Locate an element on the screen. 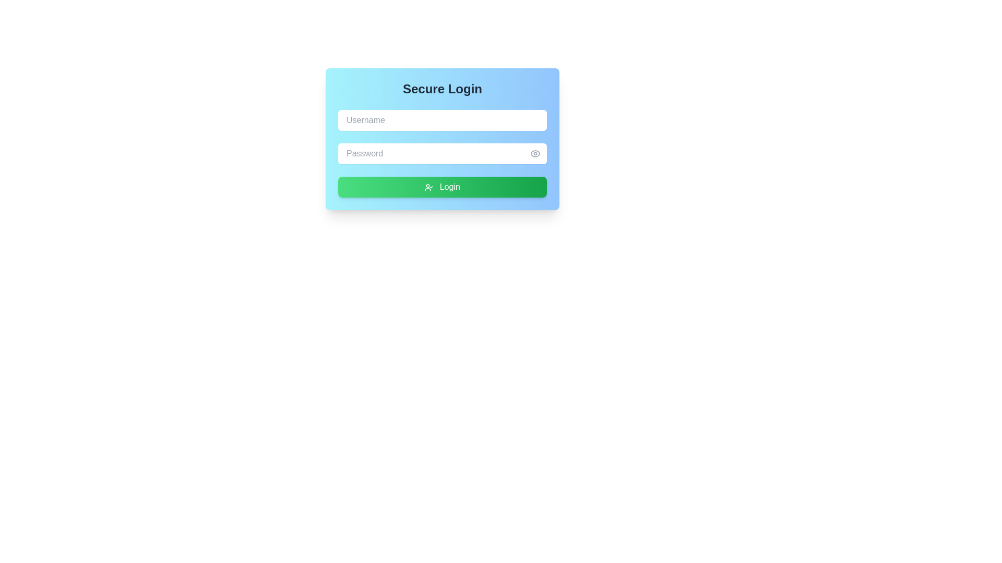  the username input field located within the login form, positioned beneath the title 'Secure Login', to focus the input field for user credentials is located at coordinates (443, 120).